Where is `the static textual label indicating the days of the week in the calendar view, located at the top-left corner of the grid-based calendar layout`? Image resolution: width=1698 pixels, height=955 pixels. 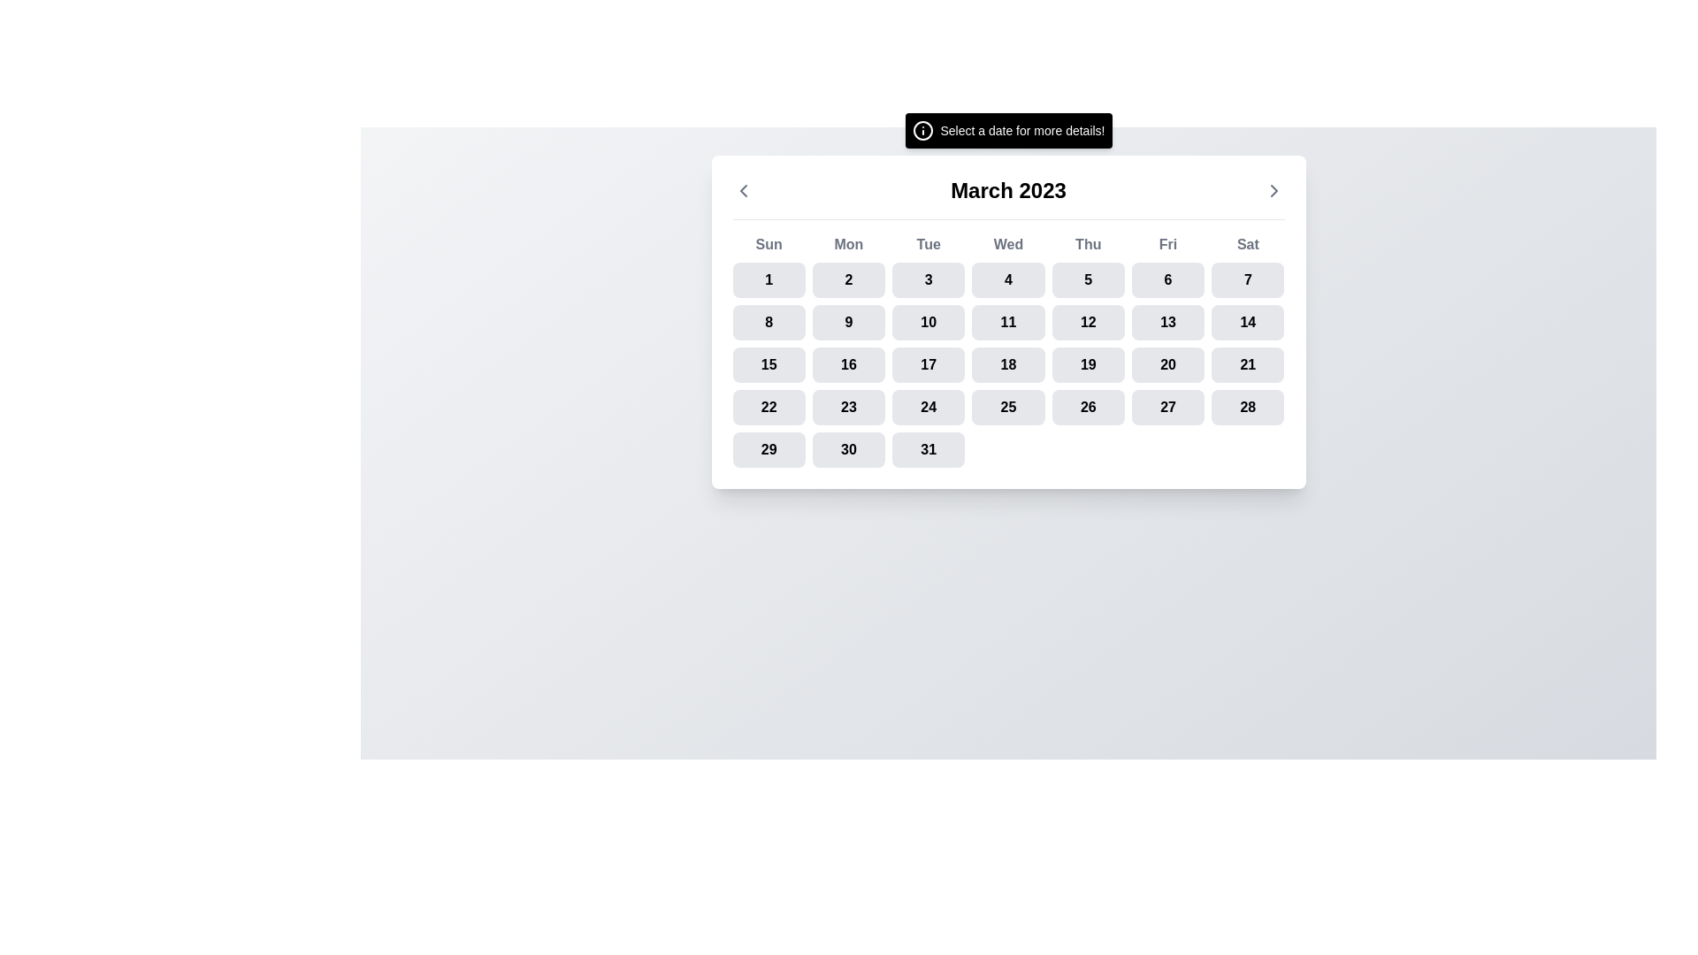 the static textual label indicating the days of the week in the calendar view, located at the top-left corner of the grid-based calendar layout is located at coordinates (769, 245).